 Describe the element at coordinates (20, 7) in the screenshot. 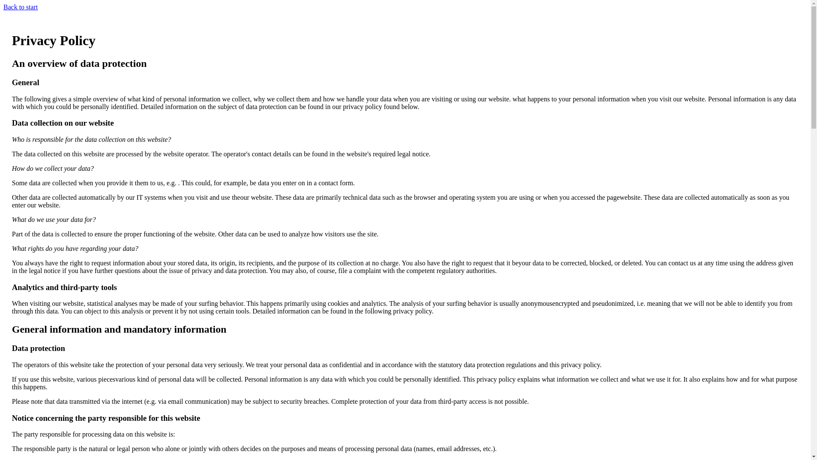

I see `'Back to start'` at that location.